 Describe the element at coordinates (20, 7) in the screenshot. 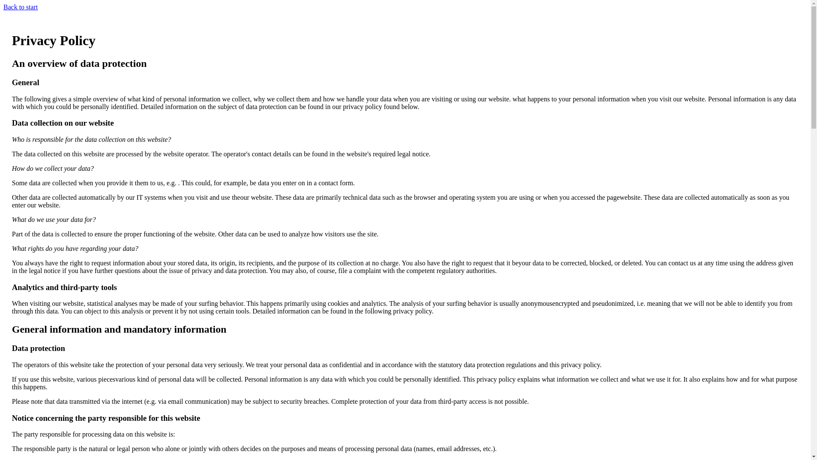

I see `'Back to start'` at that location.